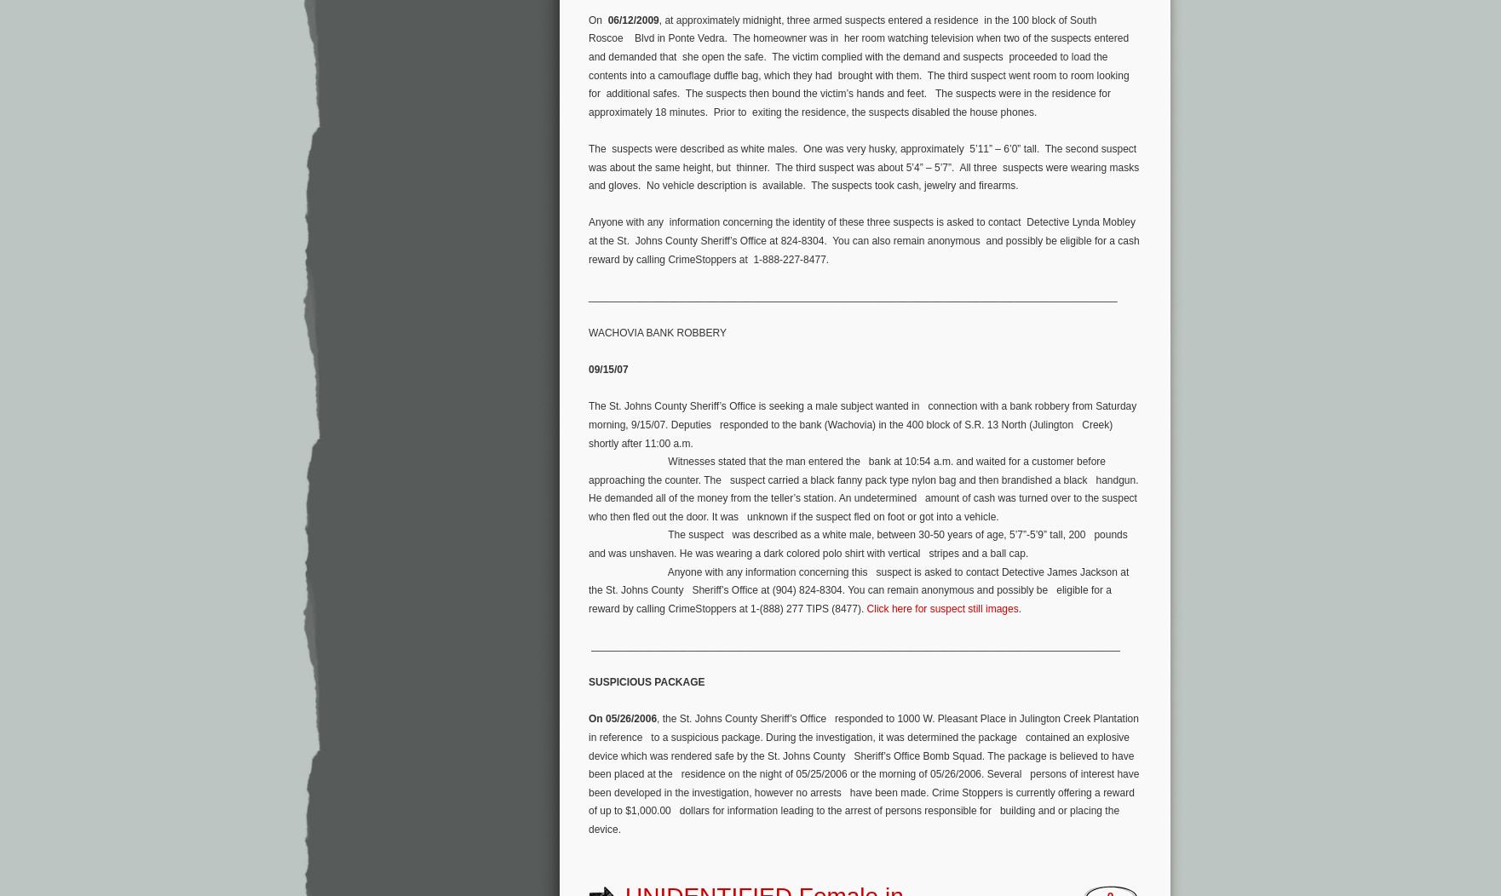 The width and height of the screenshot is (1501, 896). I want to click on ', at approximately midnight, three armed suspects entered a residence  in the 100 block of South Roscoe    Blvd in Ponte Vedra.  The homeowner was in  her room watching television when two of the suspects entered and demanded that  she open the safe.  The victim complied with the demand and suspects  proceeded to load the contents into a camouflage duffle bag, which they had  brought with them.  The third suspect went room to room looking for  additional safes.  The suspects then bound the victim’s hands and feet.   The suspects were in the residence for approximately 18 minutes.  Prior to  exiting the residence, the suspects disabled the house phones.', so click(859, 65).